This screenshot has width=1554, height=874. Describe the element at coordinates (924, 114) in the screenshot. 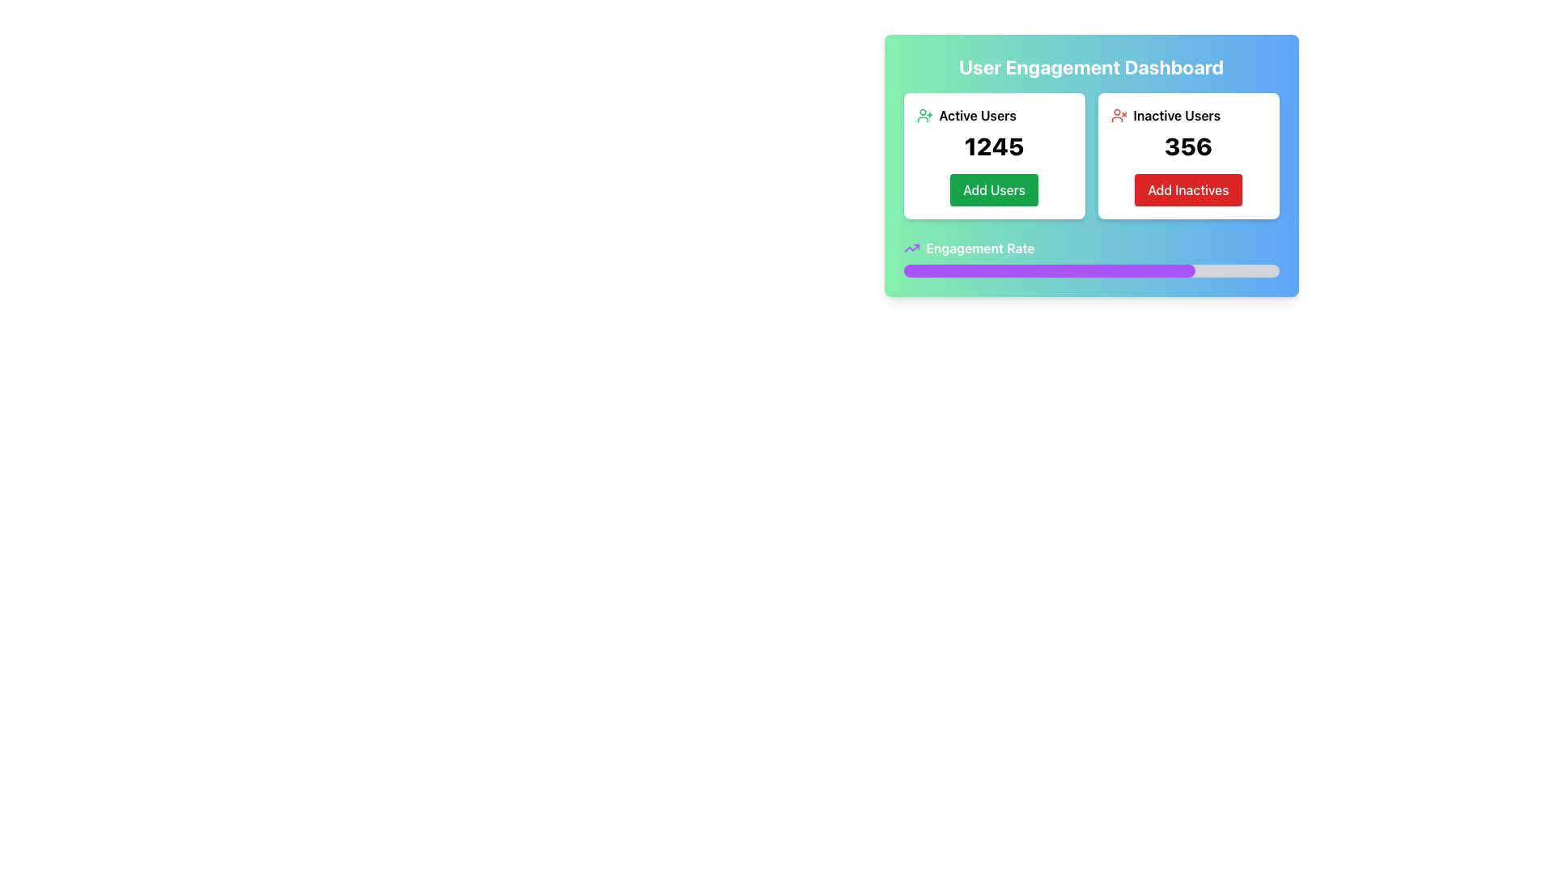

I see `the user icon with a plus sign, which is positioned above the 'Active Users' text in the top-left of the dashboard` at that location.